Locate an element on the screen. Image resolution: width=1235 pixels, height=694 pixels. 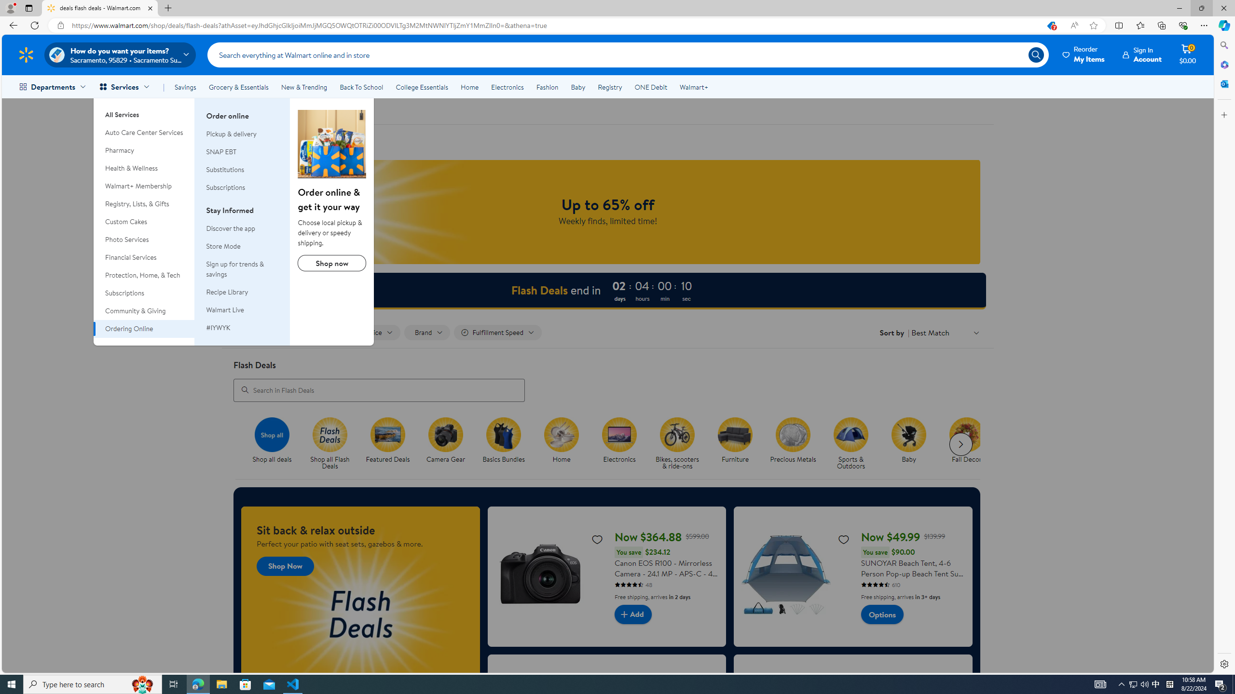
'Shop all' is located at coordinates (271, 434).